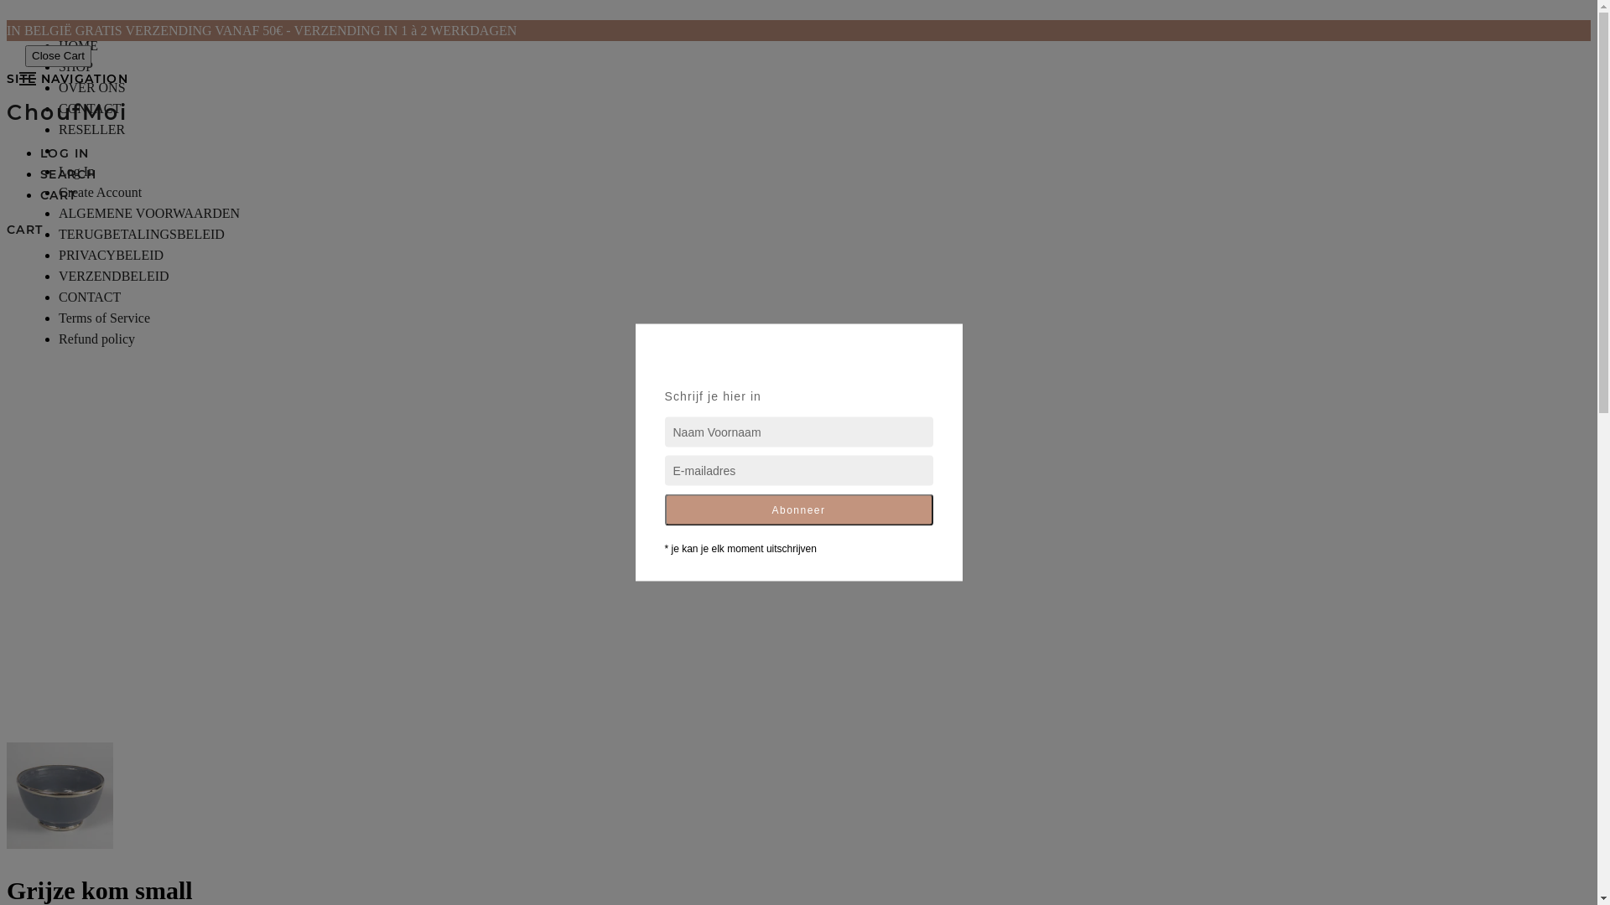 This screenshot has height=905, width=1610. Describe the element at coordinates (91, 87) in the screenshot. I see `'OVER ONS'` at that location.